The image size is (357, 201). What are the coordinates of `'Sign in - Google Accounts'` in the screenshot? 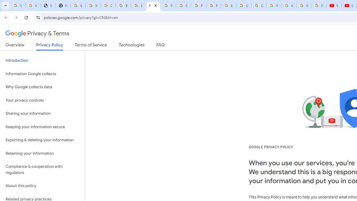 It's located at (138, 6).